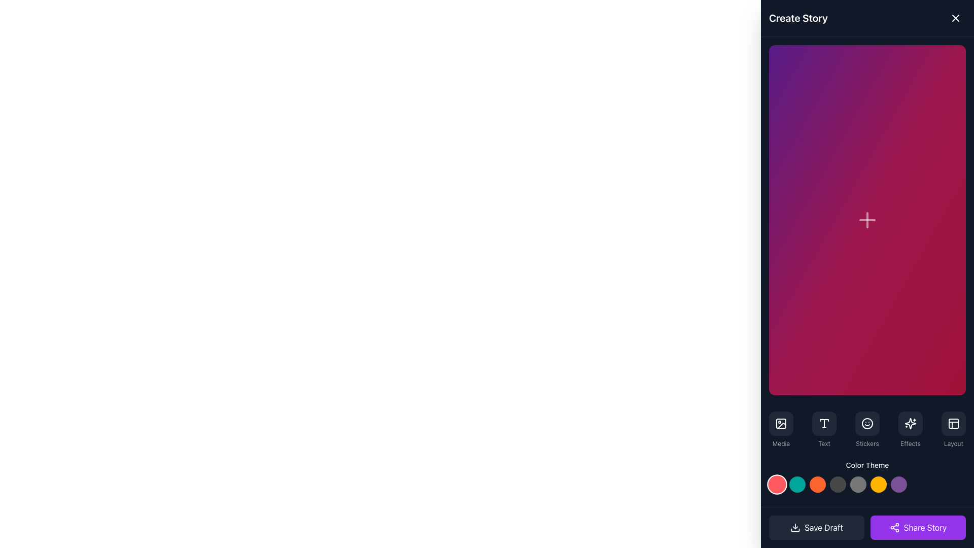 The height and width of the screenshot is (548, 974). I want to click on the outer circular part of the smiley face icon in the sidebar's stickers section, so click(866, 423).